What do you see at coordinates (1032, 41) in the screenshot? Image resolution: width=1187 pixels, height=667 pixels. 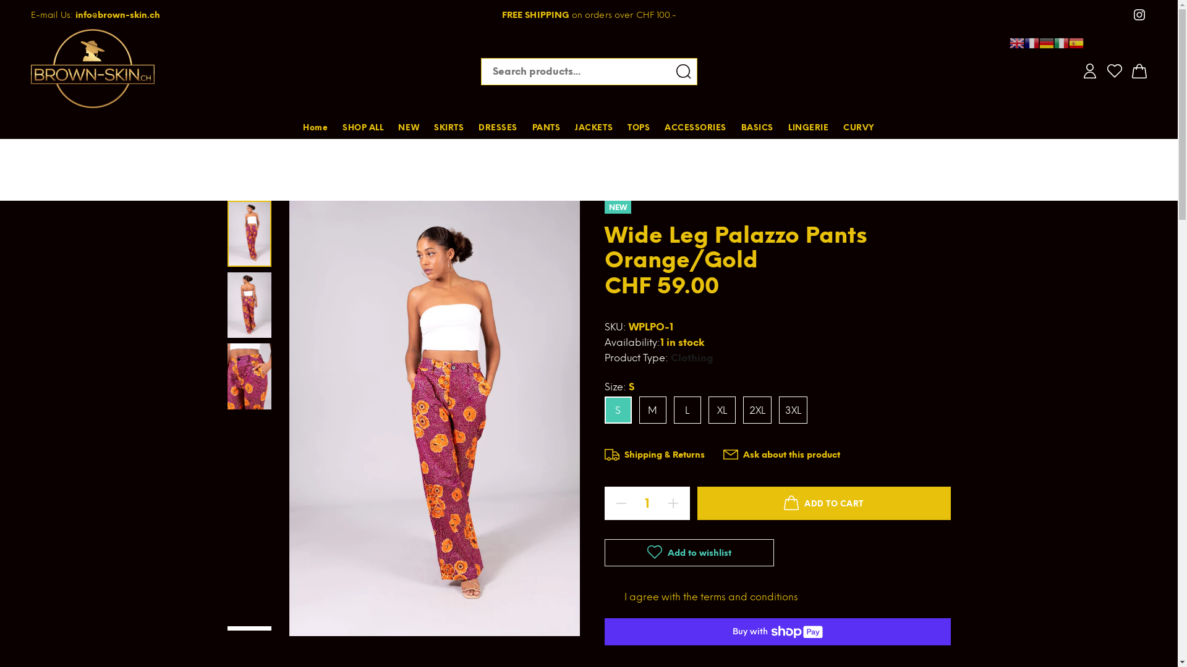 I see `'French'` at bounding box center [1032, 41].